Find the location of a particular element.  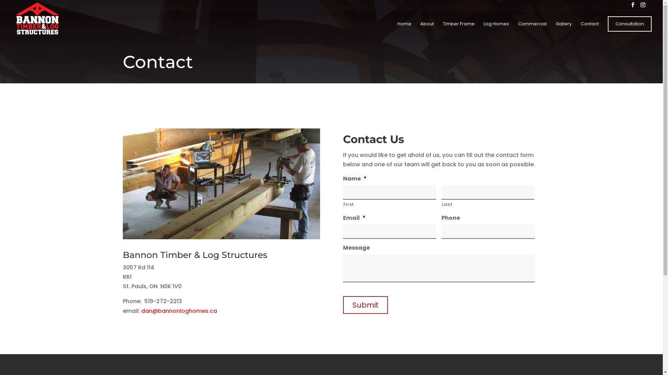

'Consultation' is located at coordinates (607, 23).